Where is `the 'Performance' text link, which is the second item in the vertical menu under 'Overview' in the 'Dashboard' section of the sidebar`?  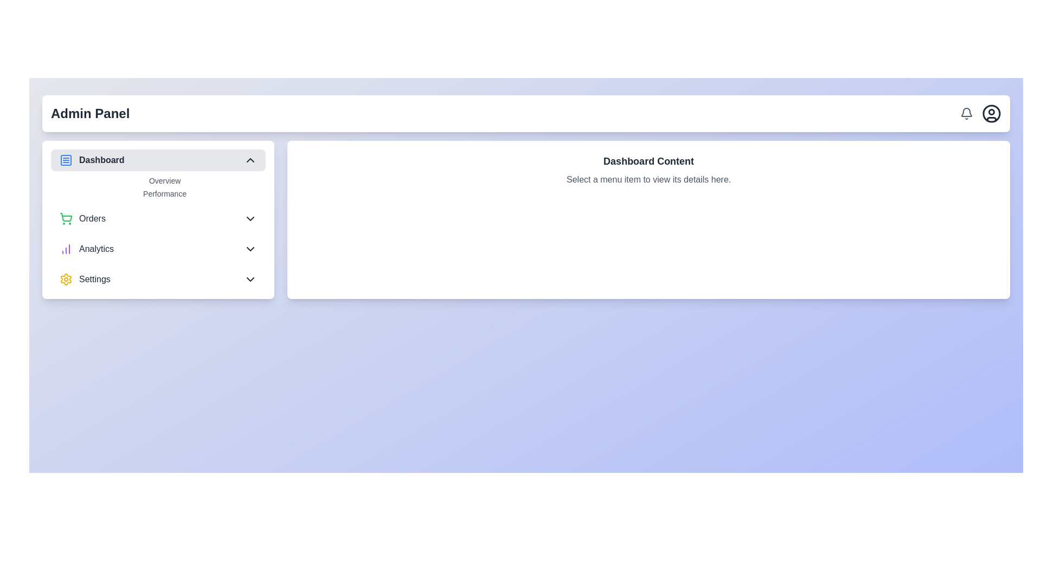
the 'Performance' text link, which is the second item in the vertical menu under 'Overview' in the 'Dashboard' section of the sidebar is located at coordinates (164, 193).